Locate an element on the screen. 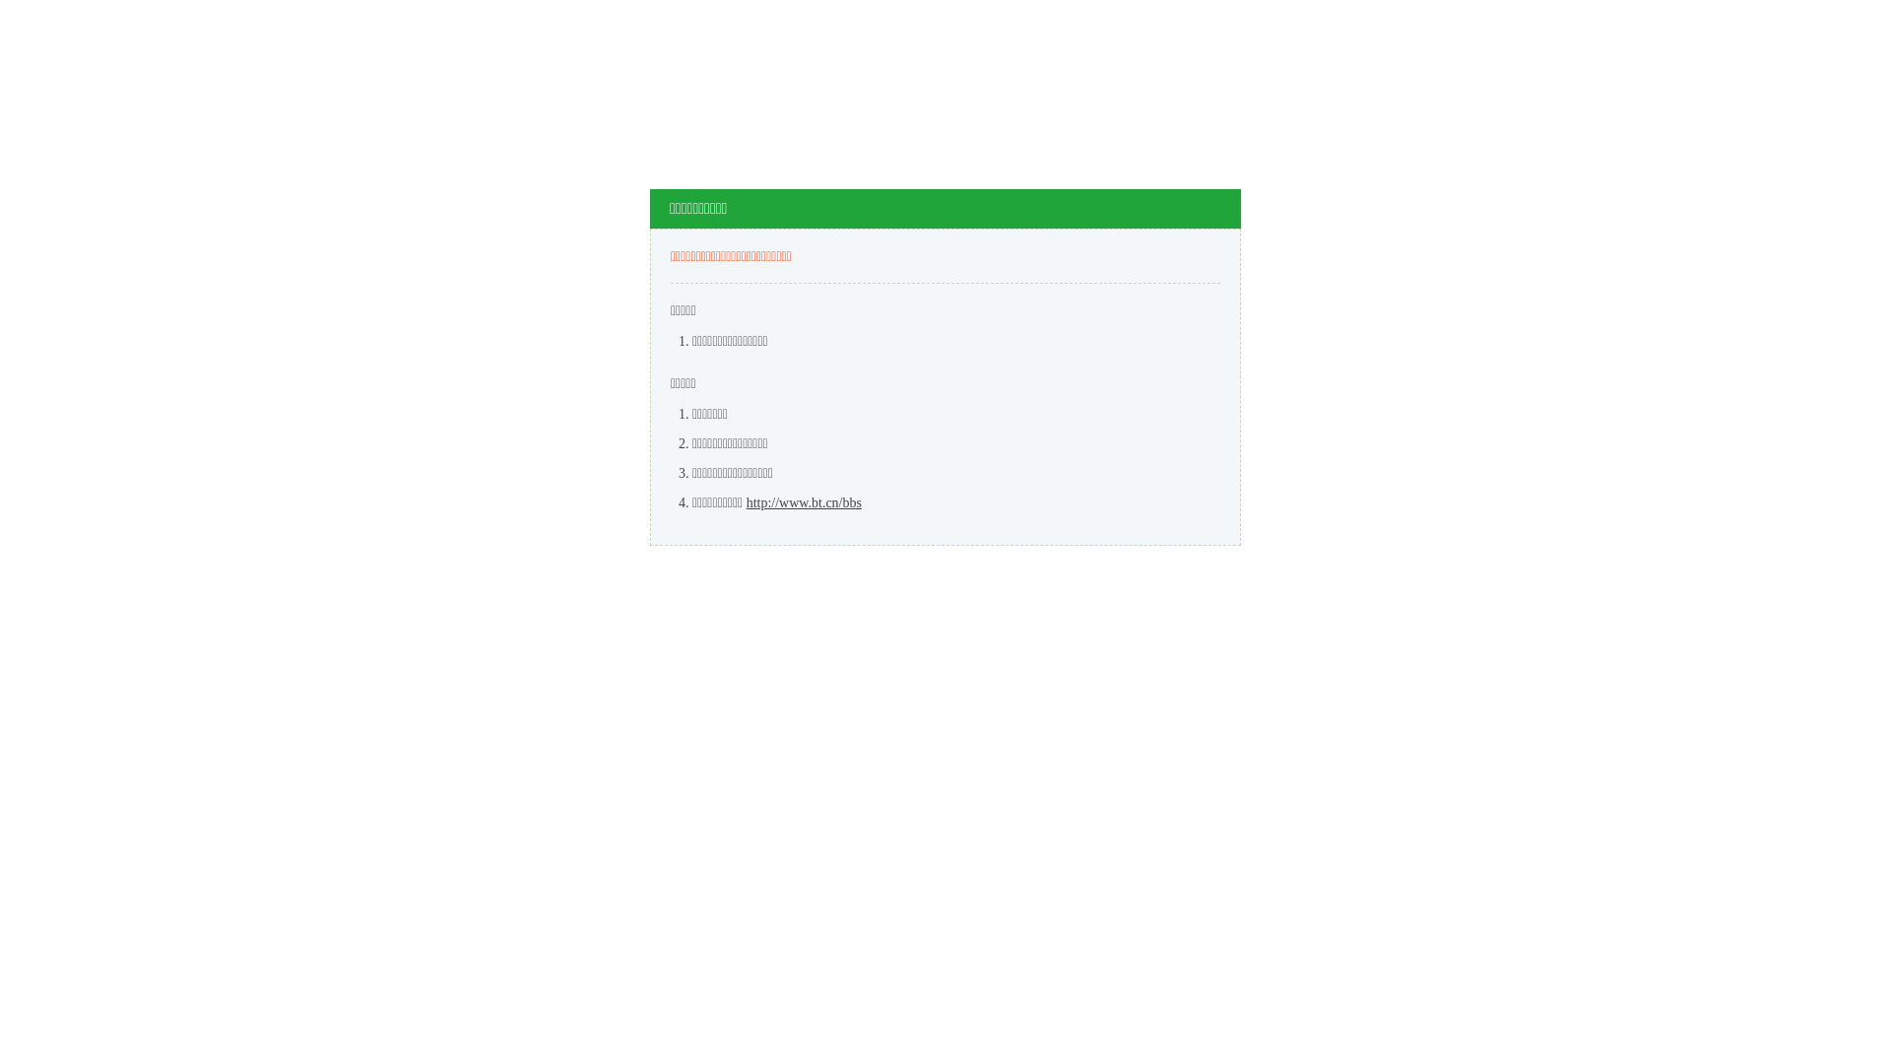 The image size is (1891, 1064). 'http://www.bt.cn/bbs' is located at coordinates (804, 501).